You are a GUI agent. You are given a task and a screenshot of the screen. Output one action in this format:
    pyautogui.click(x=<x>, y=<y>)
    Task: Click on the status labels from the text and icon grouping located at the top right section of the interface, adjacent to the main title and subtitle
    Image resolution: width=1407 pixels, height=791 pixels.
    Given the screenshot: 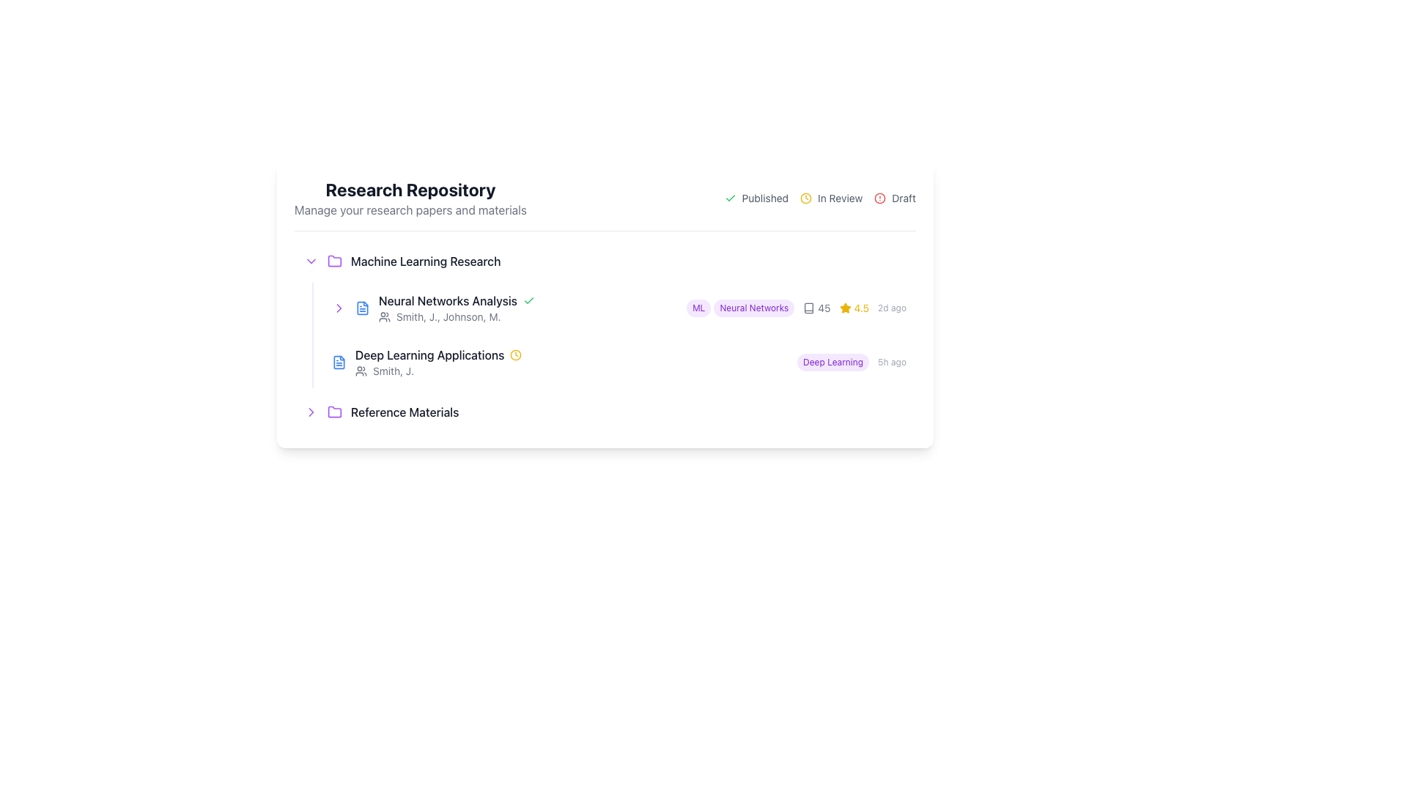 What is the action you would take?
    pyautogui.click(x=819, y=198)
    